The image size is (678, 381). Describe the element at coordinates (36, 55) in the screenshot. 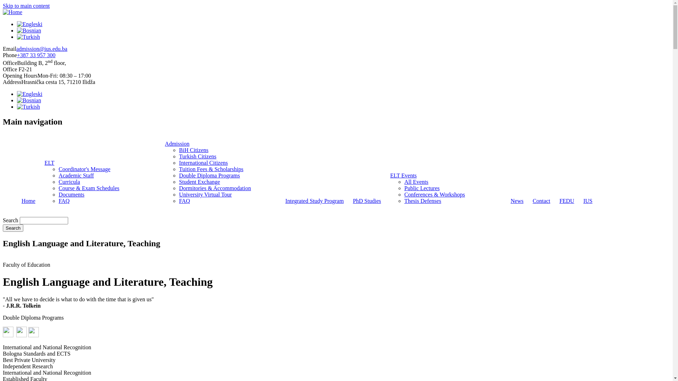

I see `'+387 33 957 300'` at that location.